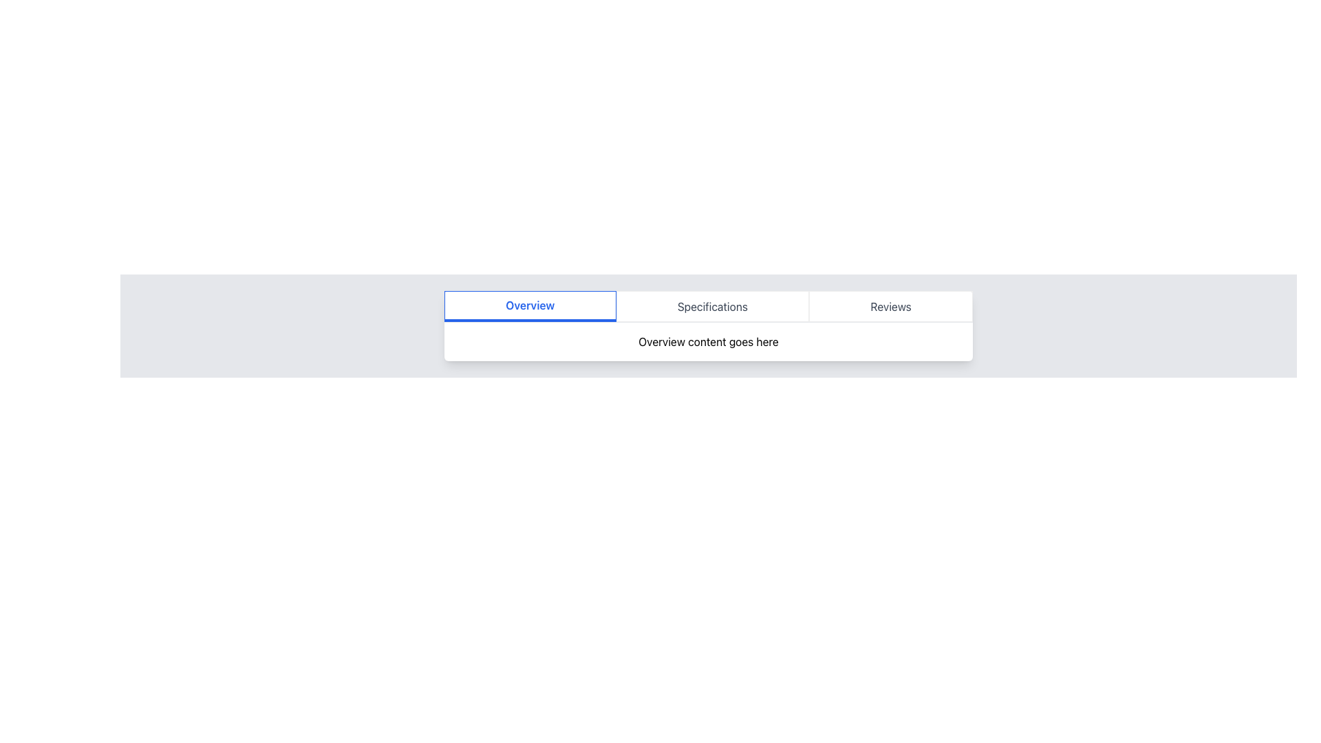 Image resolution: width=1321 pixels, height=743 pixels. I want to click on the 'Specifications' option in the navigation bar, so click(712, 305).